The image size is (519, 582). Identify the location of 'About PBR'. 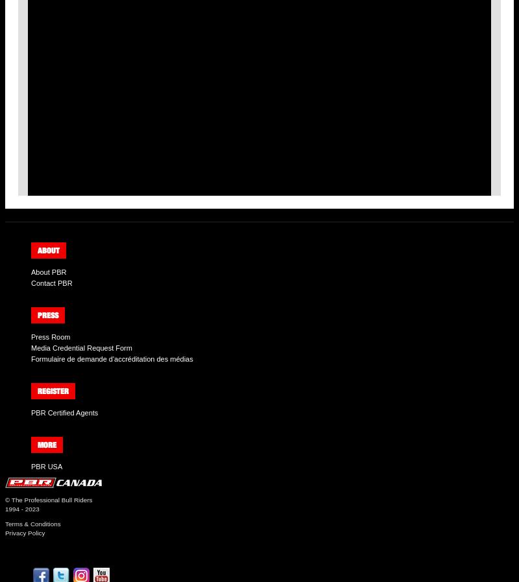
(49, 272).